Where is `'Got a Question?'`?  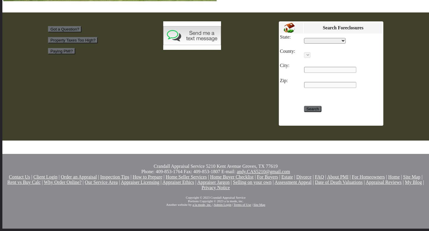 'Got a Question?' is located at coordinates (65, 29).